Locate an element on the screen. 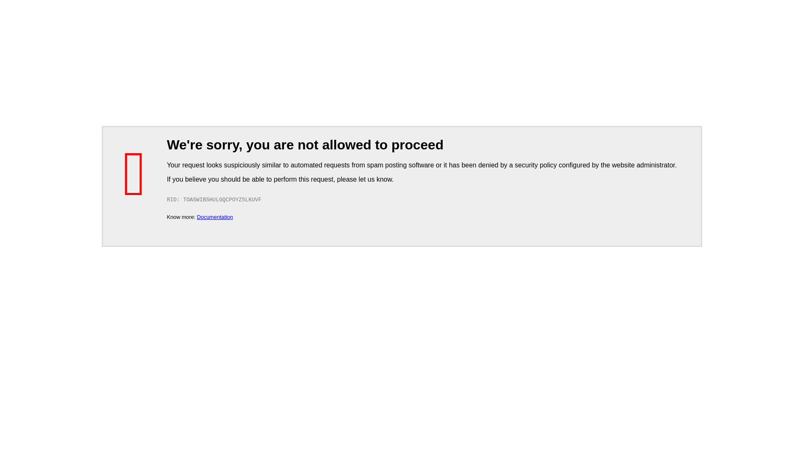 The image size is (804, 452). 'Documentation' is located at coordinates (196, 216).